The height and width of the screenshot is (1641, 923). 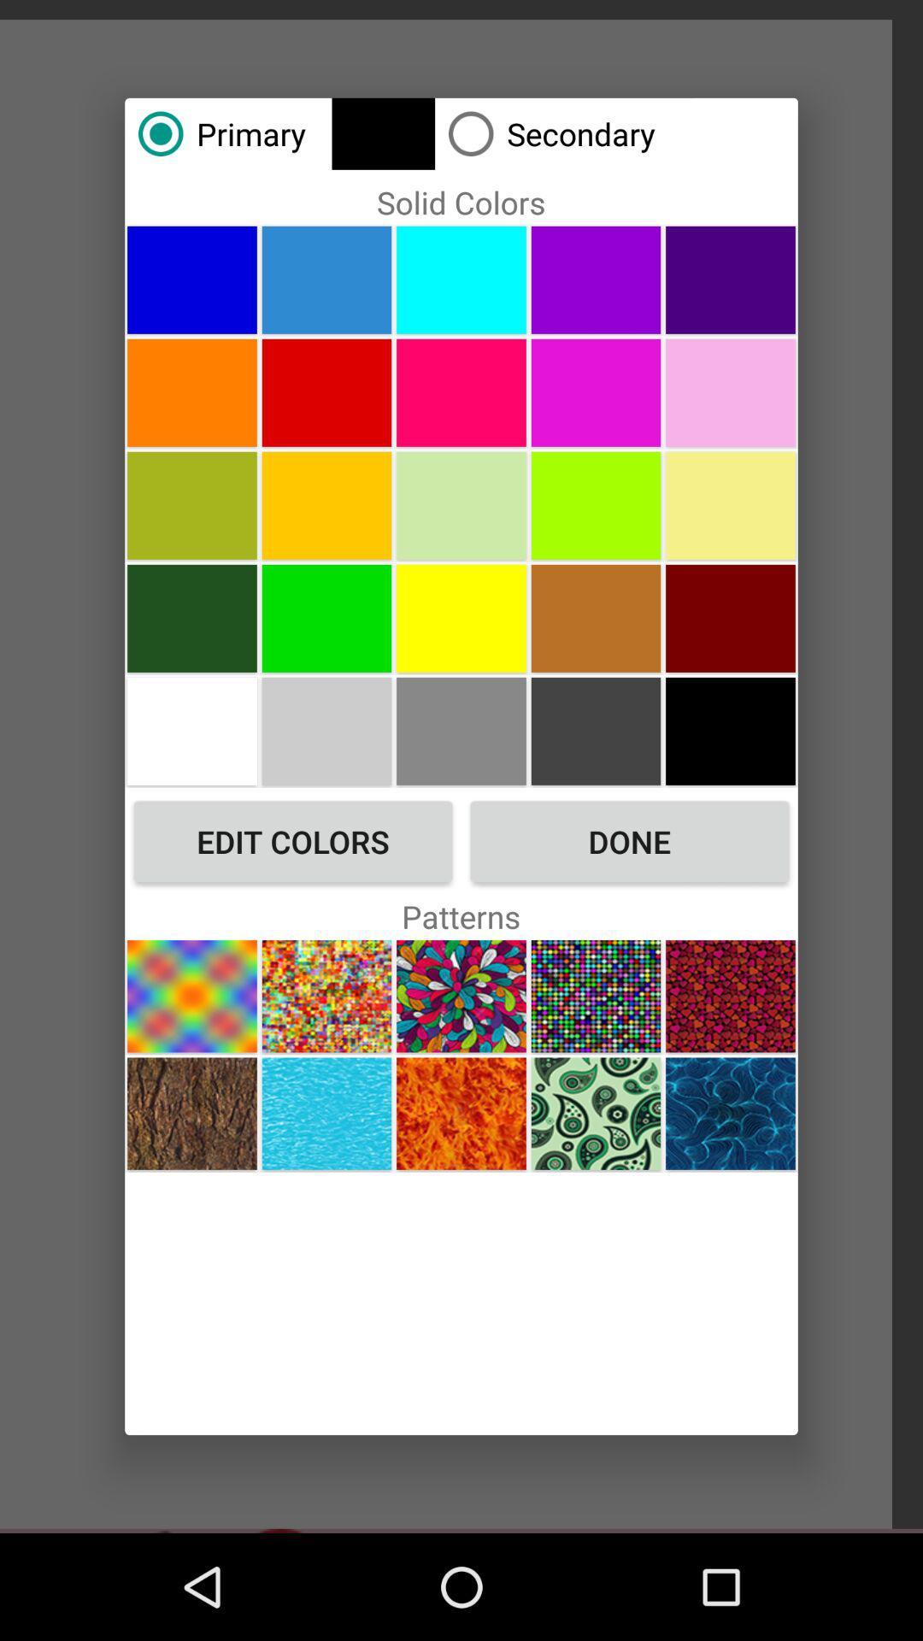 What do you see at coordinates (292, 841) in the screenshot?
I see `the edit colors icon` at bounding box center [292, 841].